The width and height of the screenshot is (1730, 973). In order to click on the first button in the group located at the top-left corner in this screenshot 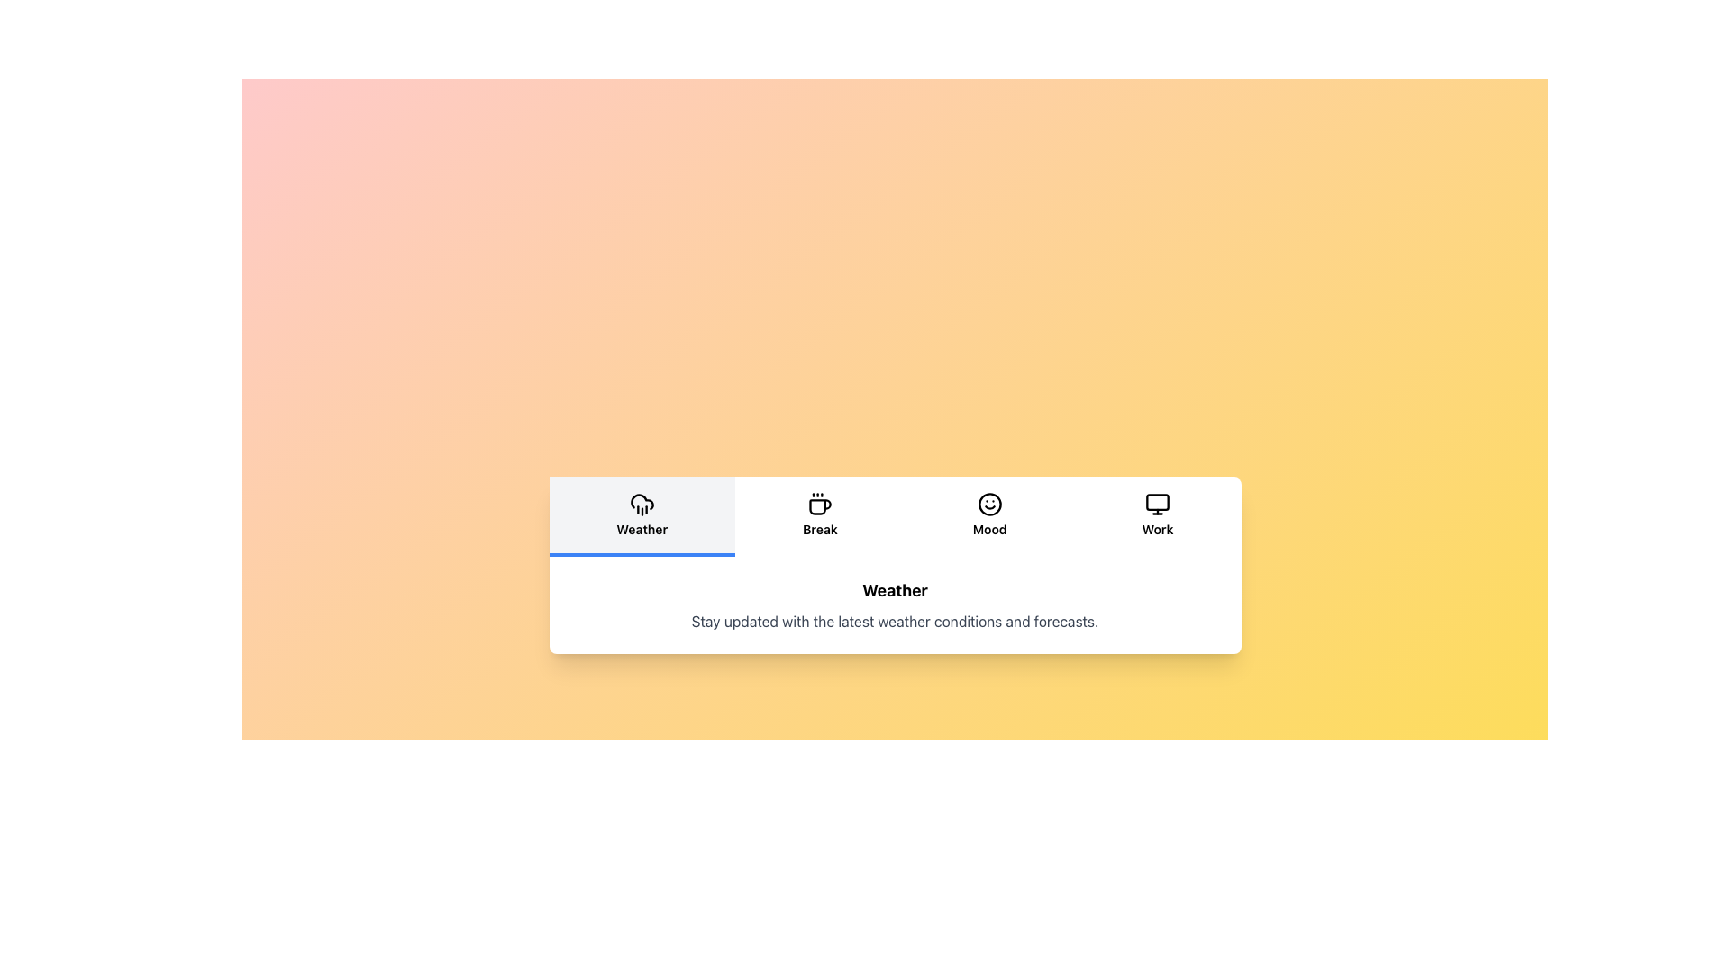, I will do `click(642, 517)`.